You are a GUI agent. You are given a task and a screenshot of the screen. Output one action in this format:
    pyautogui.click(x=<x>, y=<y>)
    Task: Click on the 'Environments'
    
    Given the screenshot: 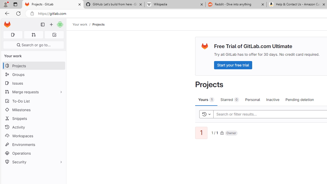 What is the action you would take?
    pyautogui.click(x=33, y=144)
    